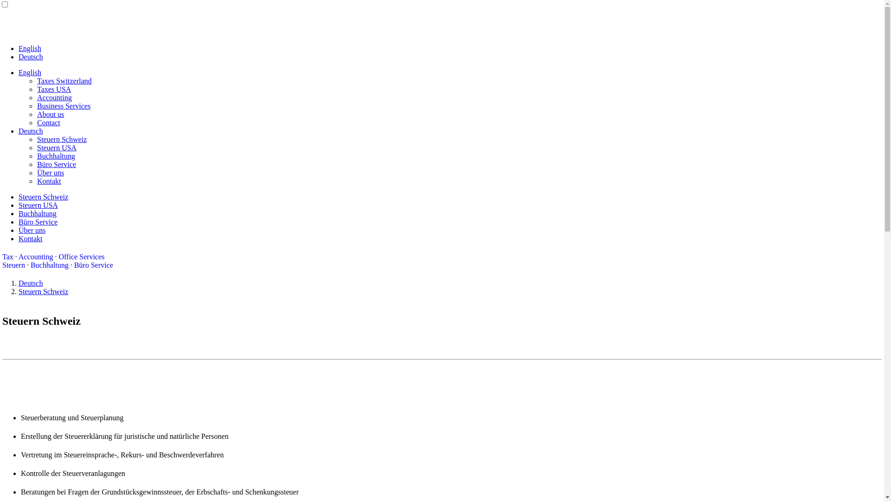  Describe the element at coordinates (31, 238) in the screenshot. I see `'Kontakt'` at that location.